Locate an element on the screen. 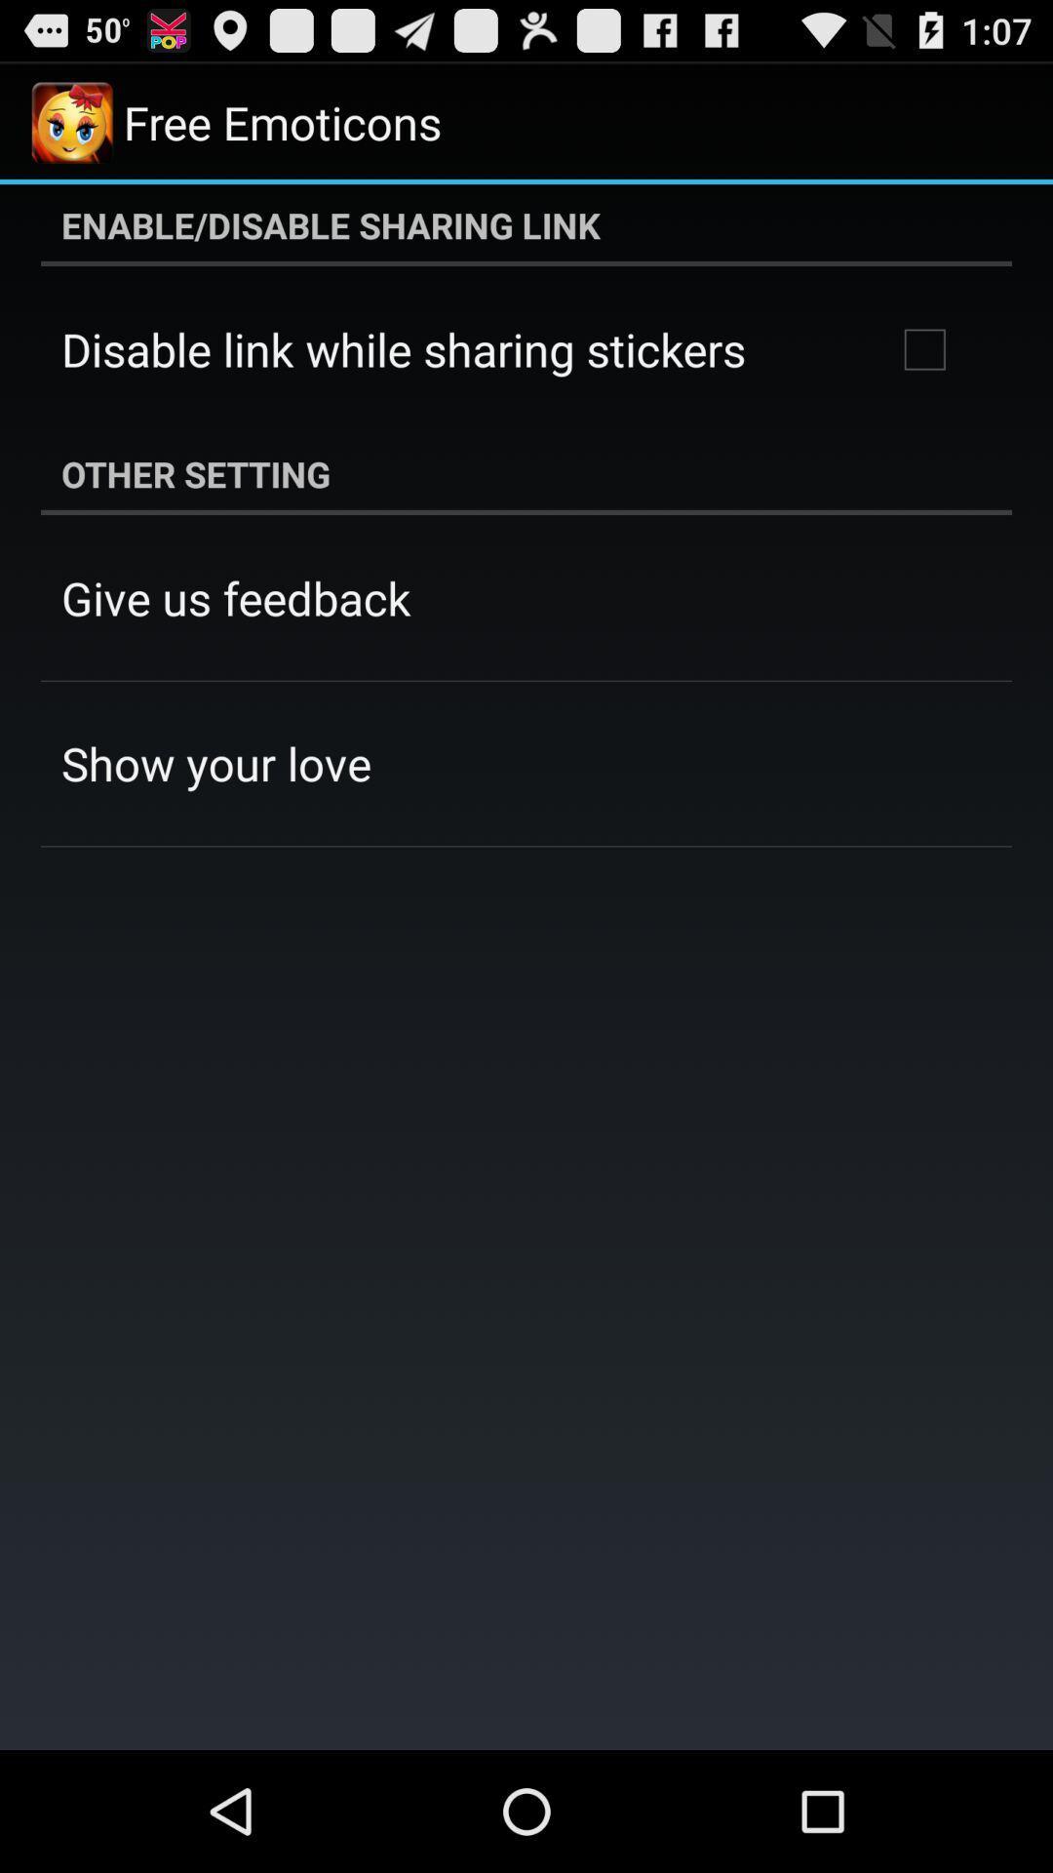 The image size is (1053, 1873). app on the left is located at coordinates (216, 762).